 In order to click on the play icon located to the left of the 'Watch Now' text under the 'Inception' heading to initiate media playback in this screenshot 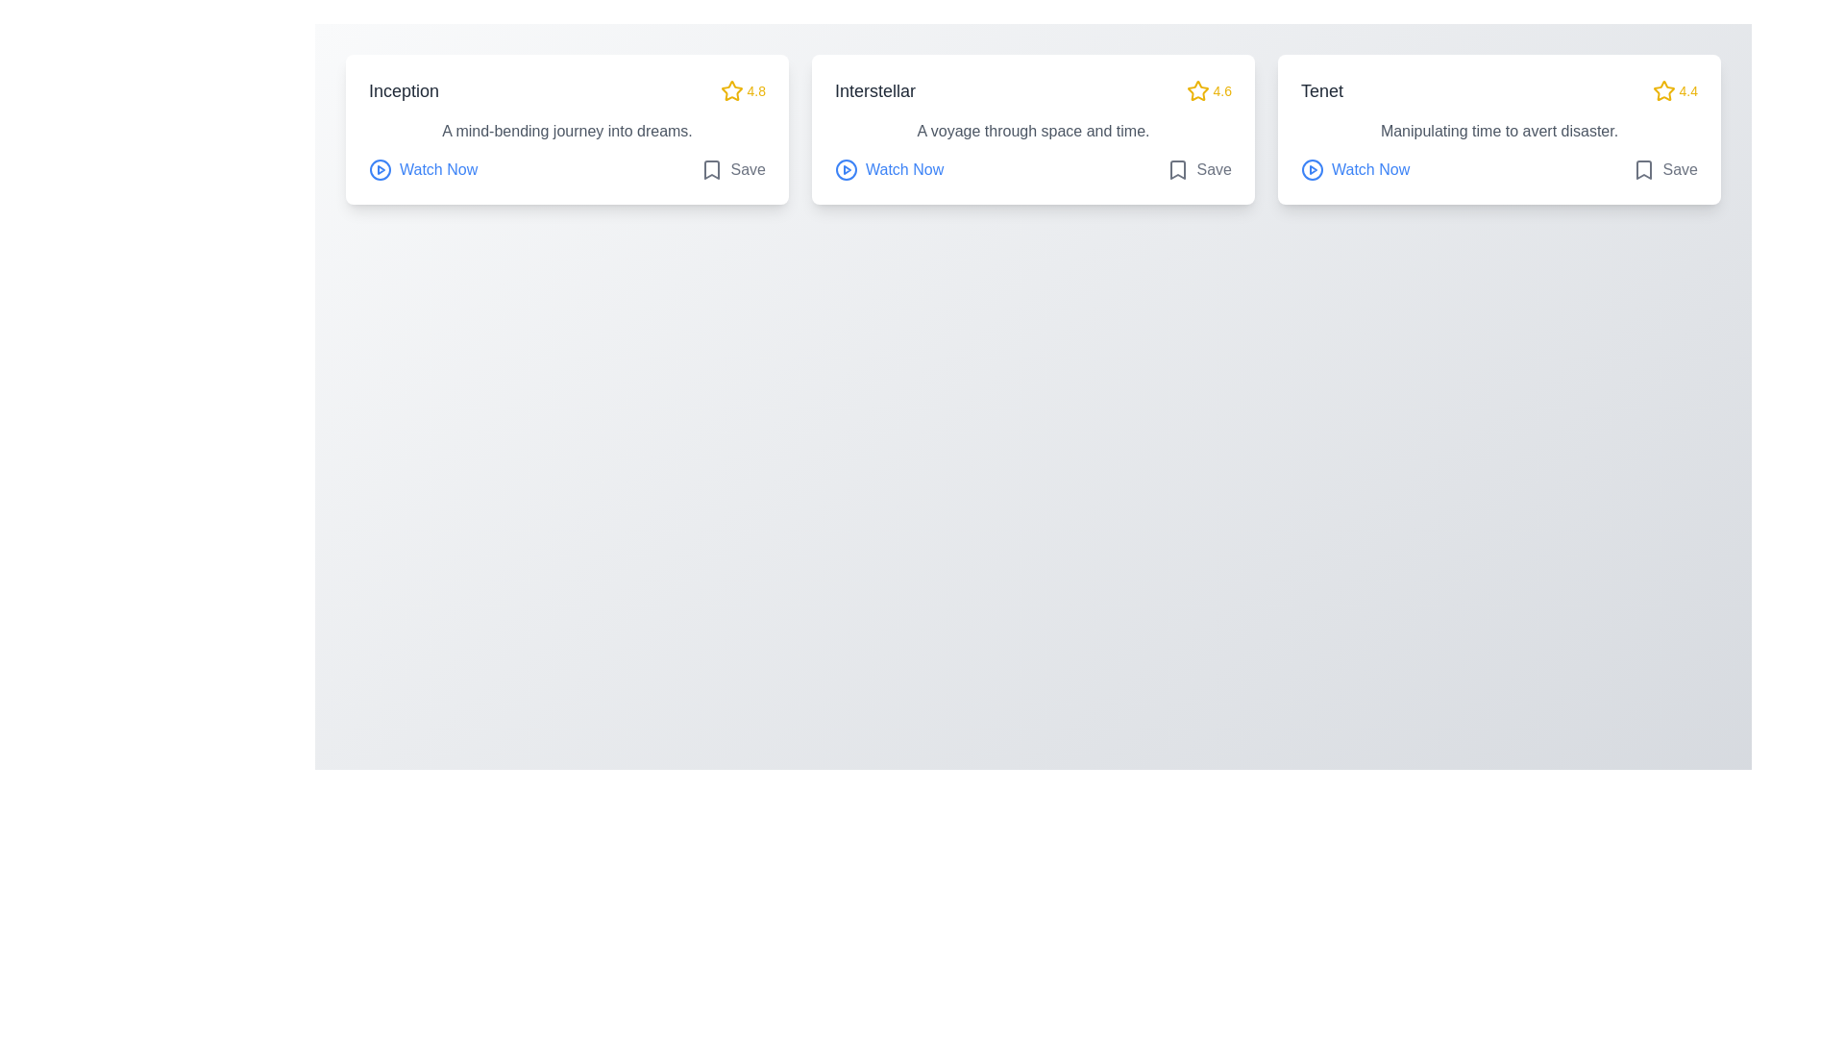, I will do `click(380, 169)`.